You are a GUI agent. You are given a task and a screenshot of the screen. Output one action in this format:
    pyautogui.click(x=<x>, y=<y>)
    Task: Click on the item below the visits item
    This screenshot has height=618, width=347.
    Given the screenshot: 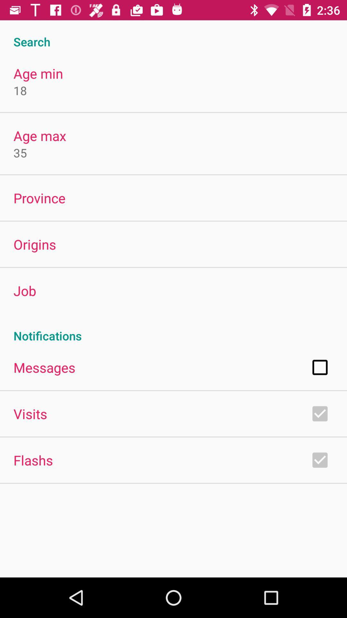 What is the action you would take?
    pyautogui.click(x=33, y=460)
    